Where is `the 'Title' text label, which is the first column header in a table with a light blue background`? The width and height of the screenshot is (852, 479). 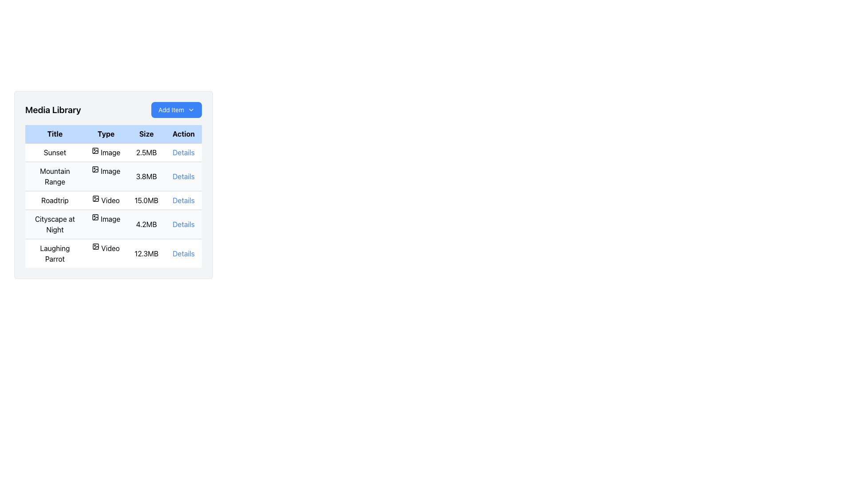
the 'Title' text label, which is the first column header in a table with a light blue background is located at coordinates (54, 134).